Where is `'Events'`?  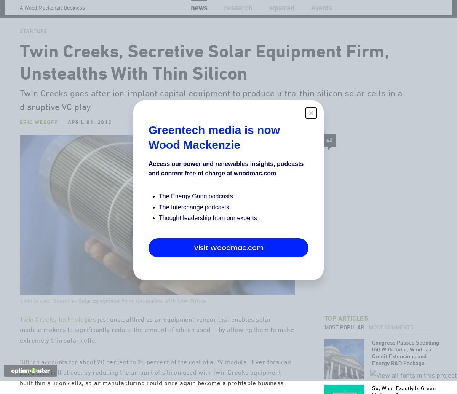 'Events' is located at coordinates (321, 7).